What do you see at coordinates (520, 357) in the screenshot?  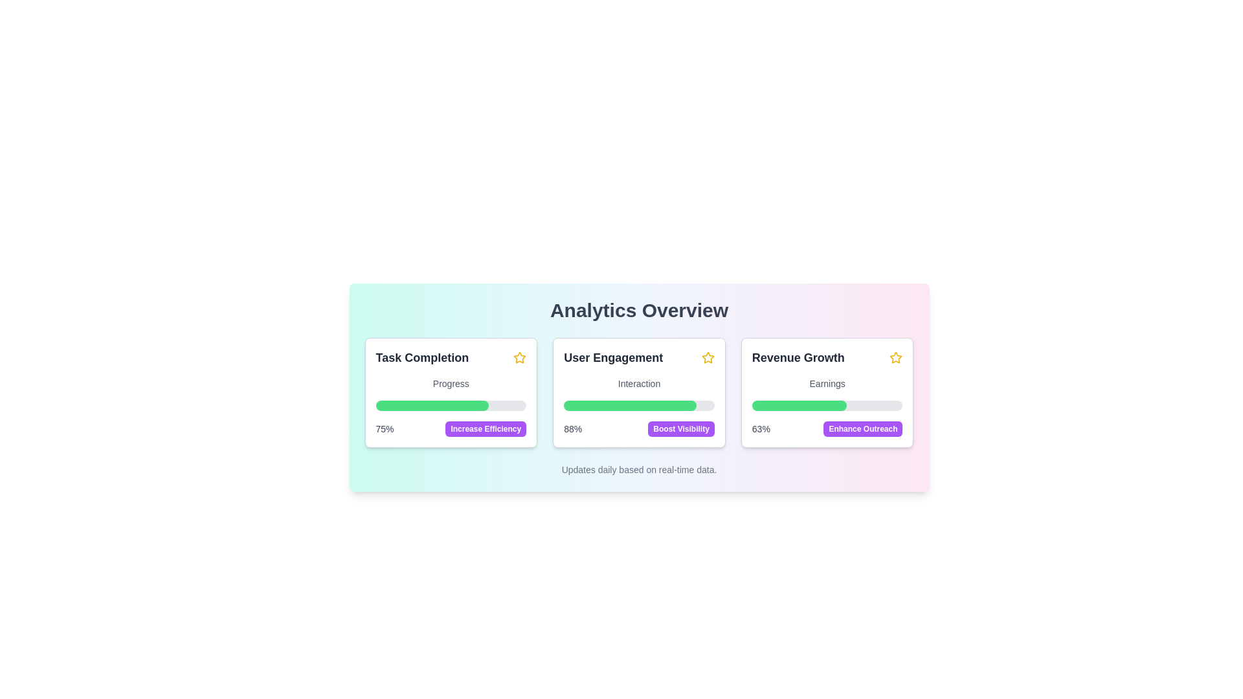 I see `the yellow star-shaped icon located in the top-right corner of the 'Task Completion' card` at bounding box center [520, 357].